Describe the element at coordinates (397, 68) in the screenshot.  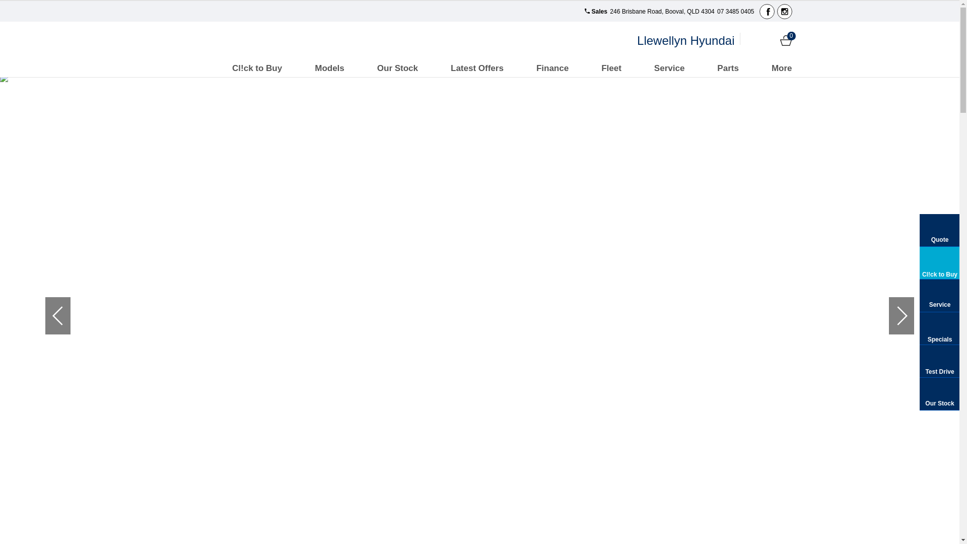
I see `'Our Stock'` at that location.